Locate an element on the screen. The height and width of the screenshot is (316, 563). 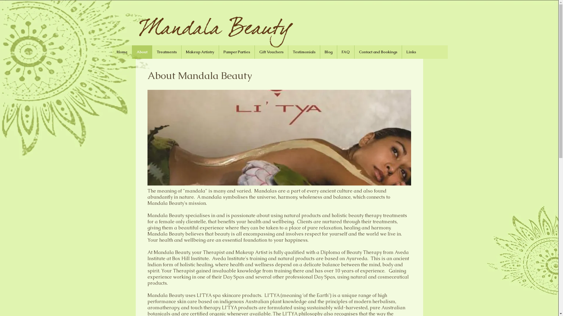
'Makeup Artistry' is located at coordinates (200, 51).